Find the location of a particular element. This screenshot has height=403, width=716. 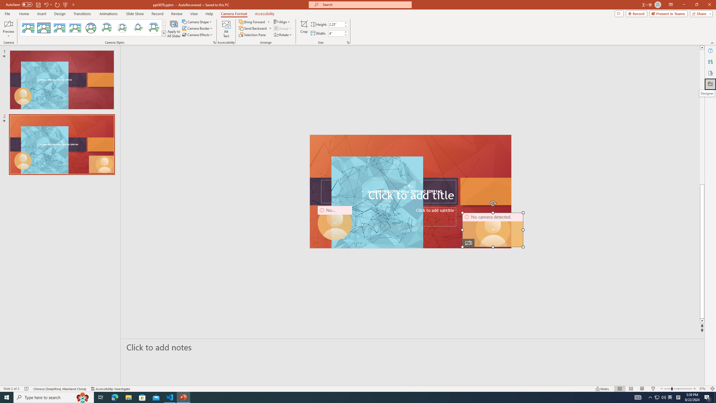

'Bring Forward' is located at coordinates (252, 22).